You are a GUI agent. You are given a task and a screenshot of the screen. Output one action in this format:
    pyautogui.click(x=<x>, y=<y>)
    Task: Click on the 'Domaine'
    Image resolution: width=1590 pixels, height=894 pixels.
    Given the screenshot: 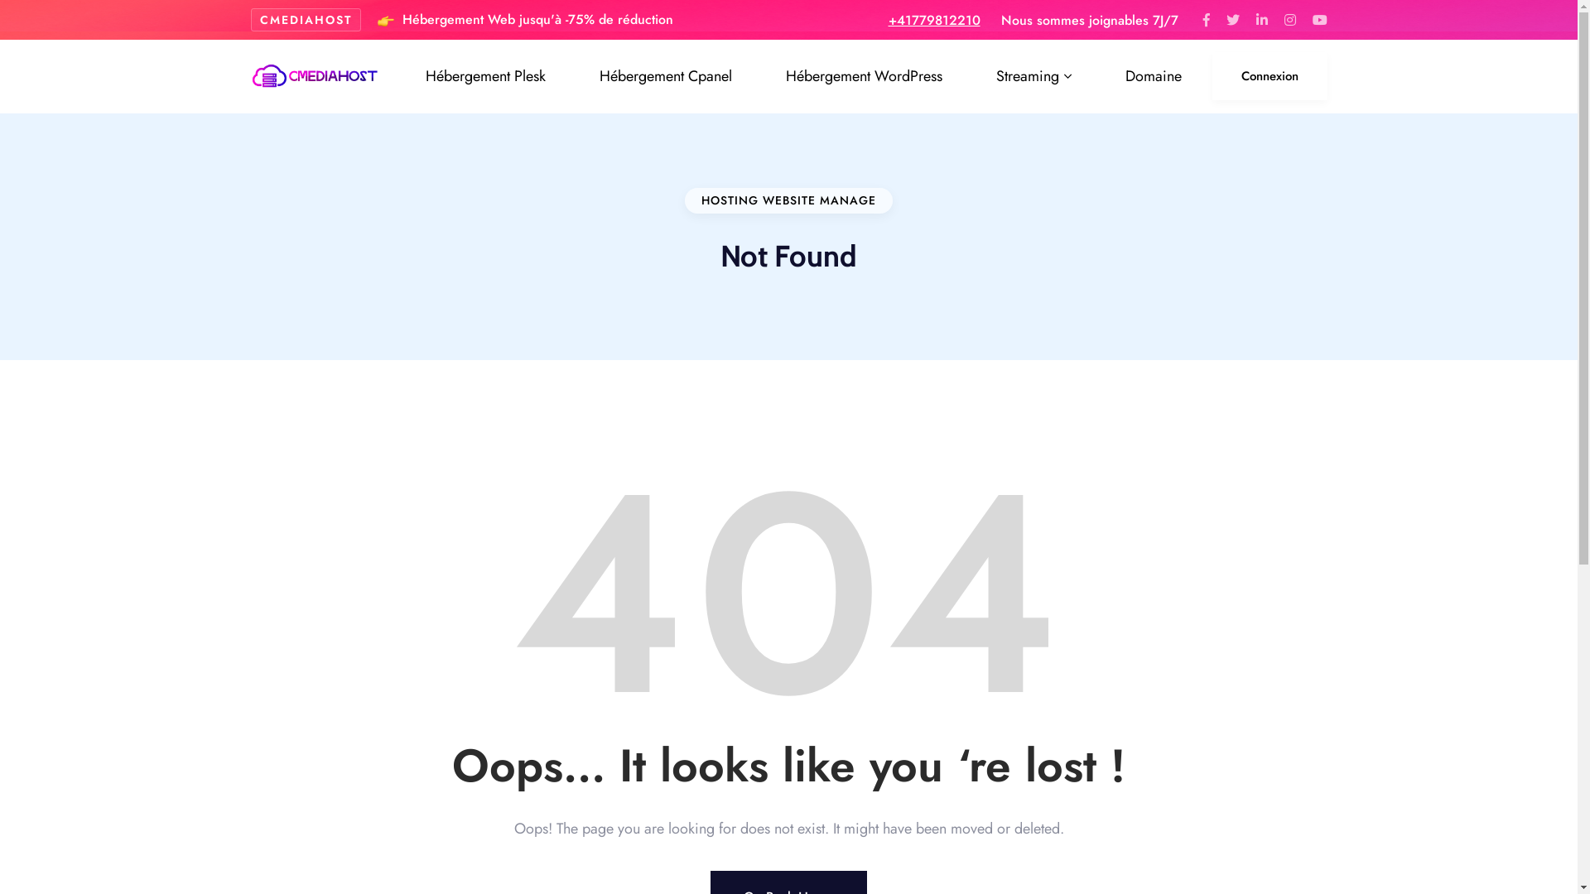 What is the action you would take?
    pyautogui.click(x=1113, y=76)
    